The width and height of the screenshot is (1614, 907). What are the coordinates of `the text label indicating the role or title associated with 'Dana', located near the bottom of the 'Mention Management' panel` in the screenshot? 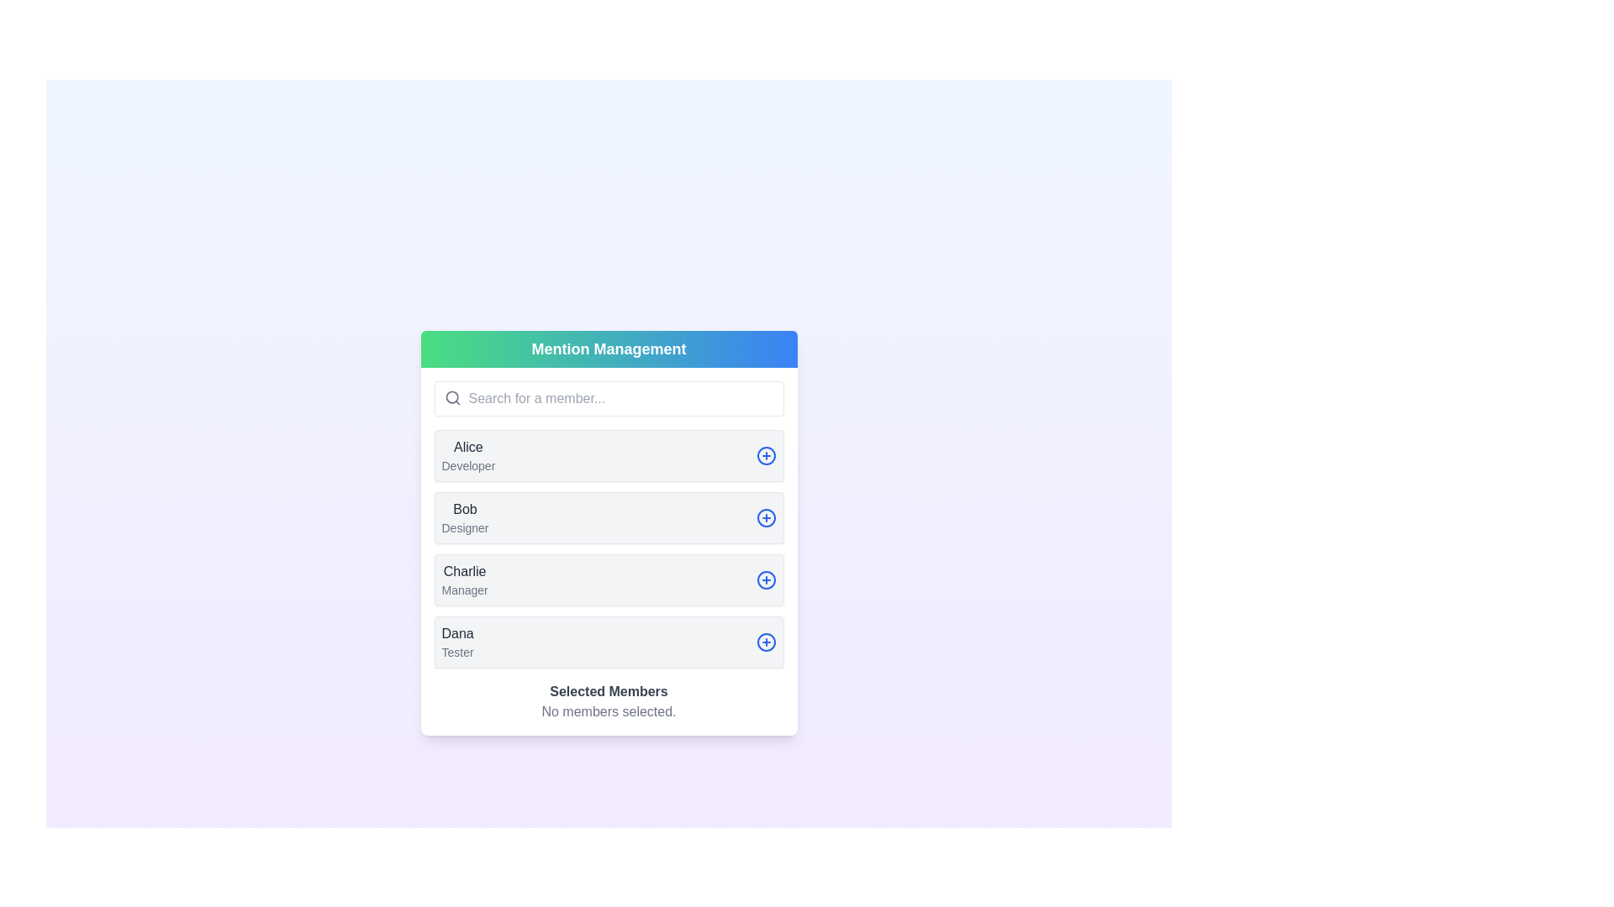 It's located at (457, 651).